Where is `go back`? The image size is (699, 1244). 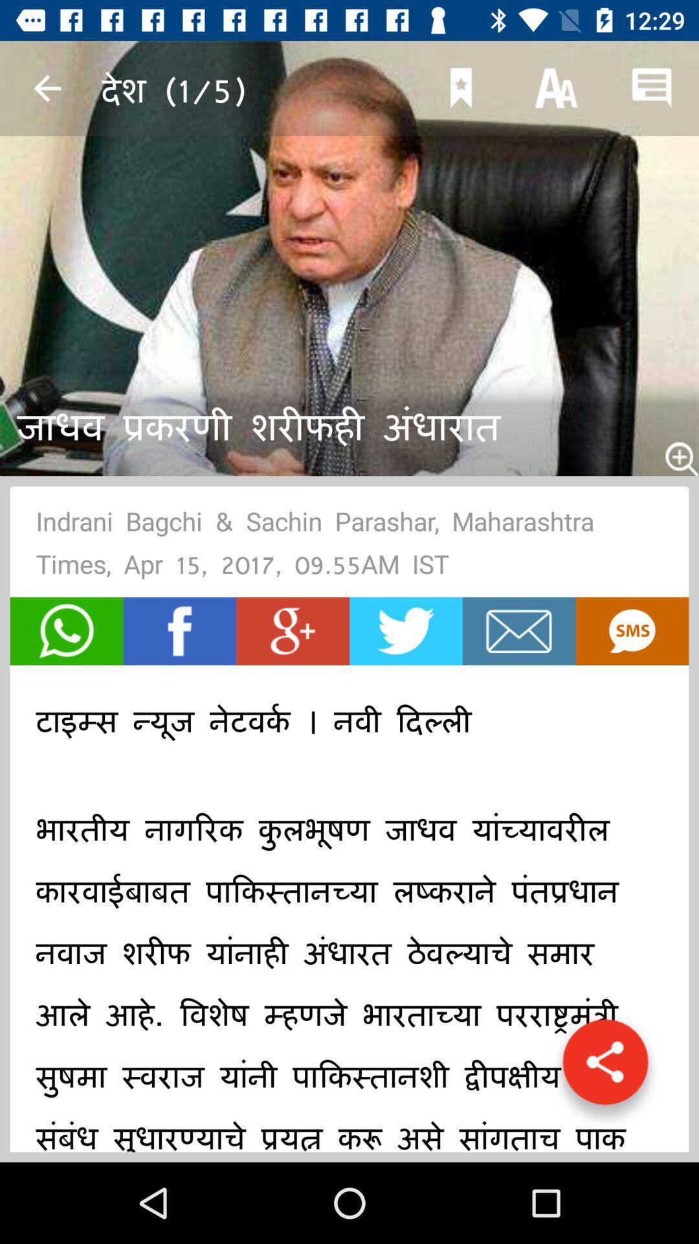 go back is located at coordinates (47, 87).